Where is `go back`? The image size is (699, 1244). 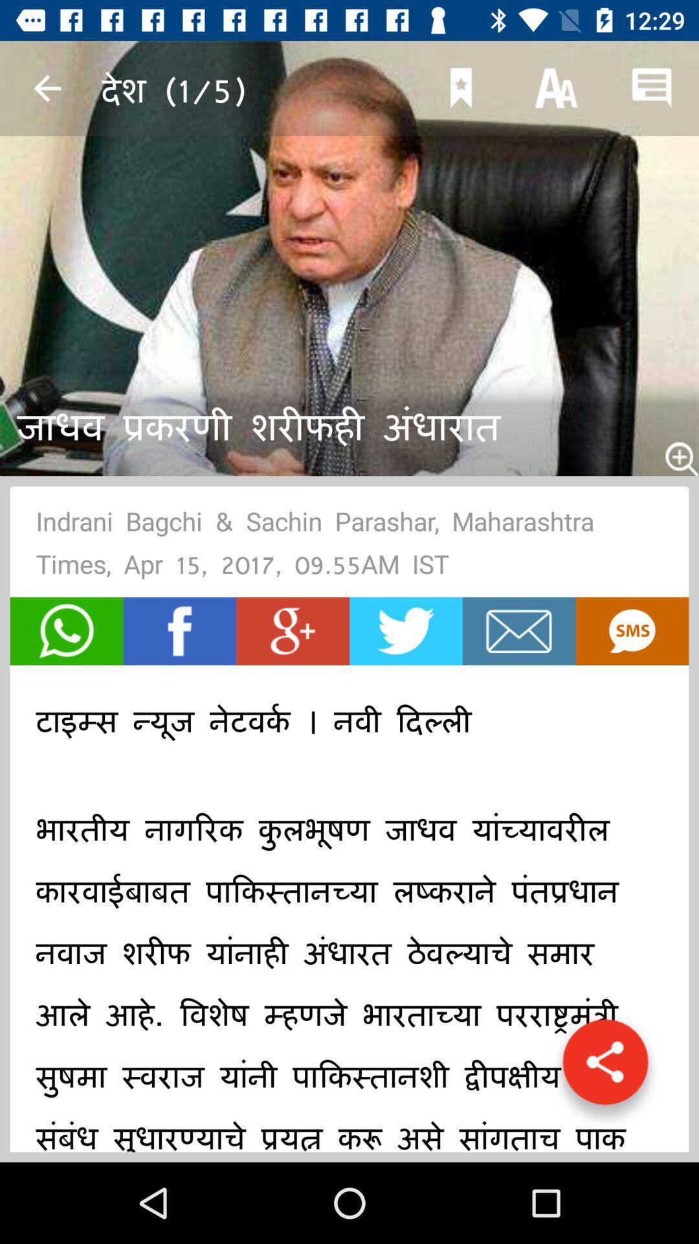 go back is located at coordinates (47, 87).